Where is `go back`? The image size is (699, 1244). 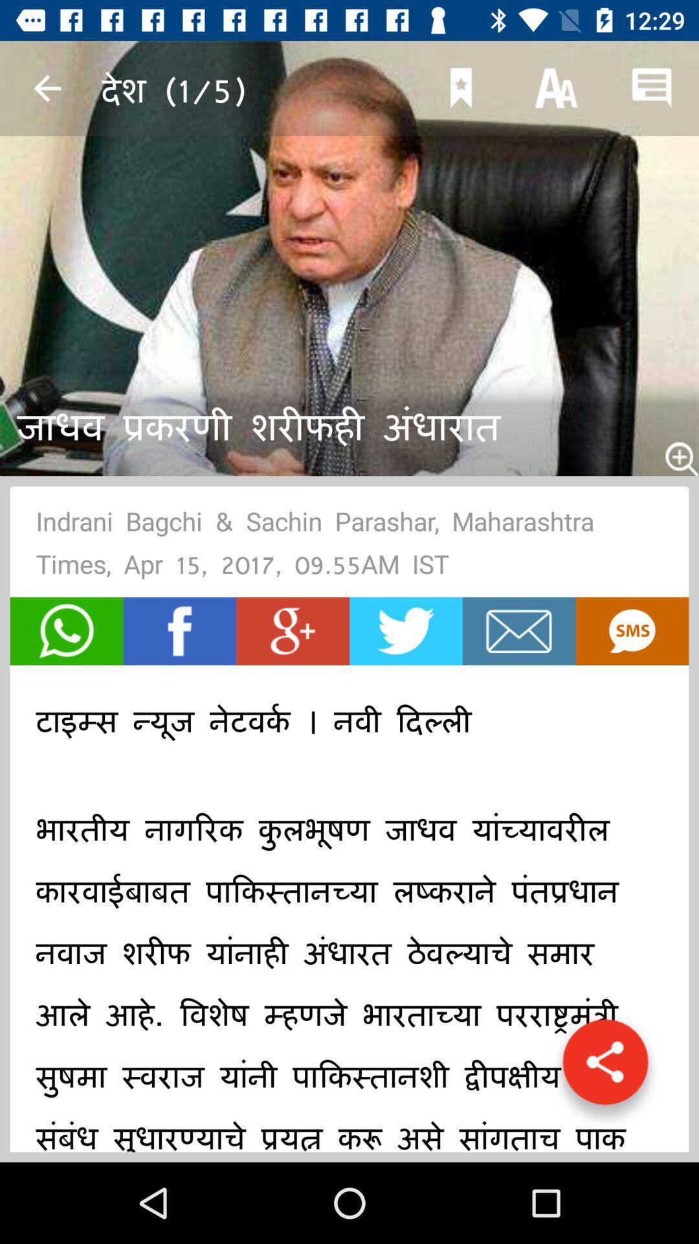 go back is located at coordinates (47, 87).